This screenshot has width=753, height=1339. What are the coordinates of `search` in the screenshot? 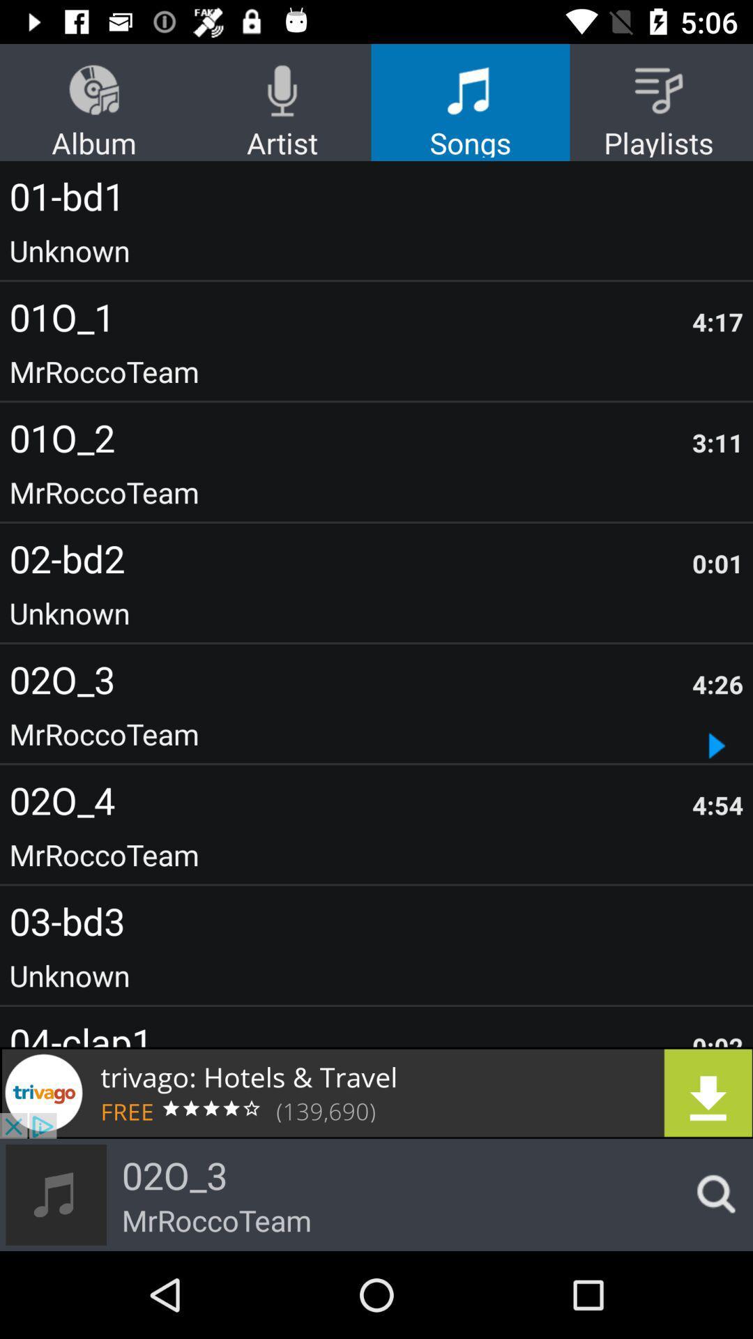 It's located at (712, 1194).